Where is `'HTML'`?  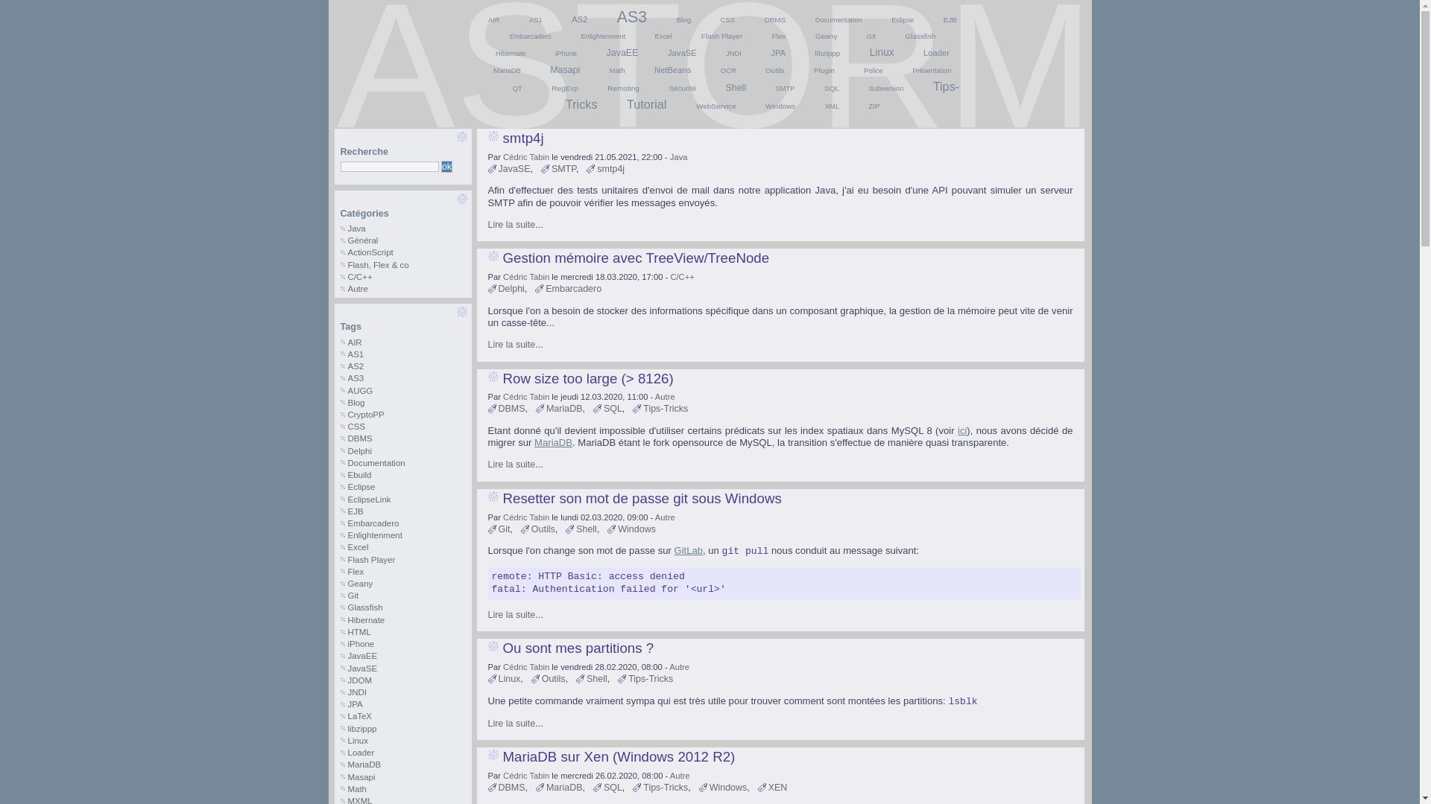 'HTML' is located at coordinates (358, 631).